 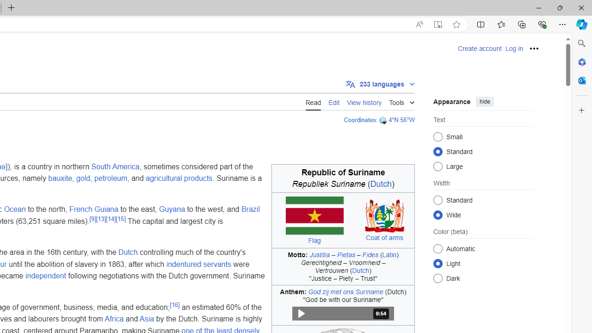 I want to click on 'agricultural products', so click(x=179, y=179).